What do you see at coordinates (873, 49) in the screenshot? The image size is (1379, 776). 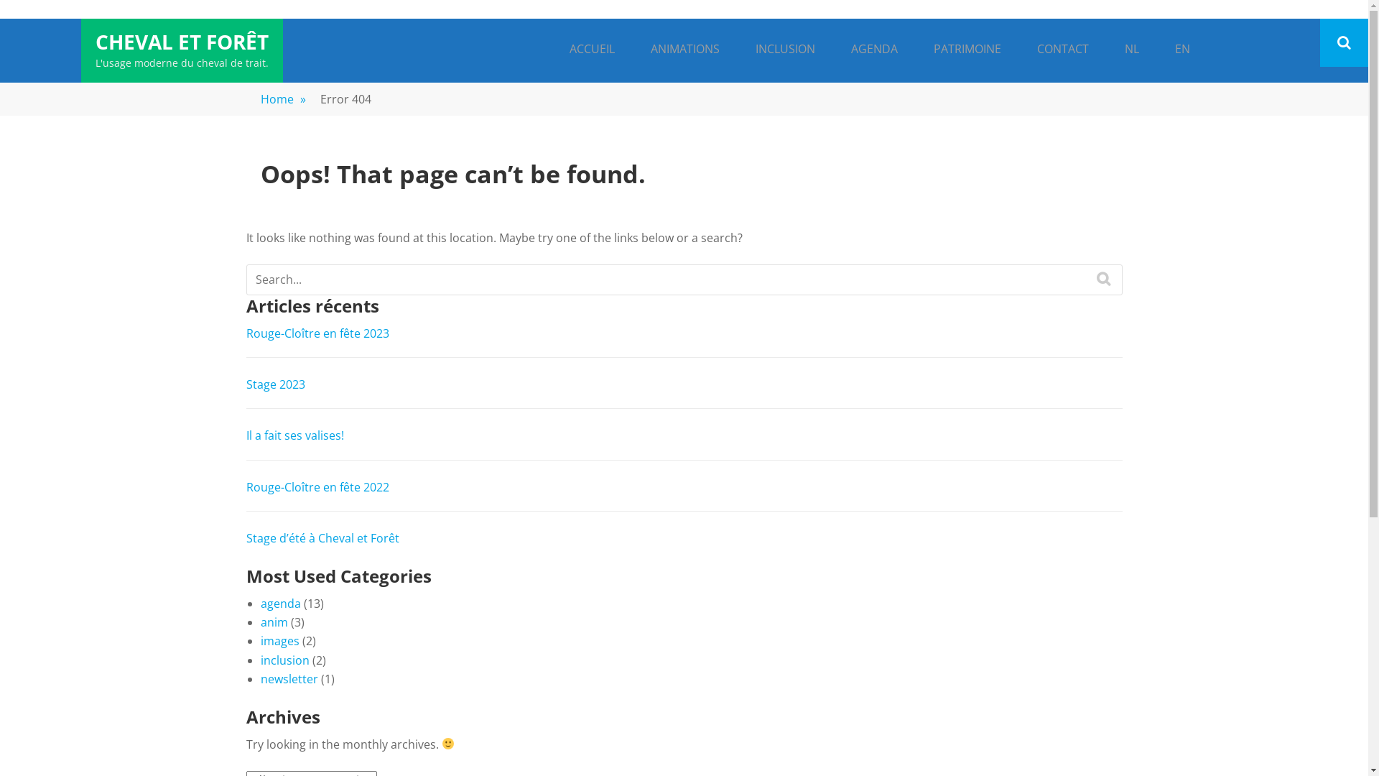 I see `'AGENDA'` at bounding box center [873, 49].